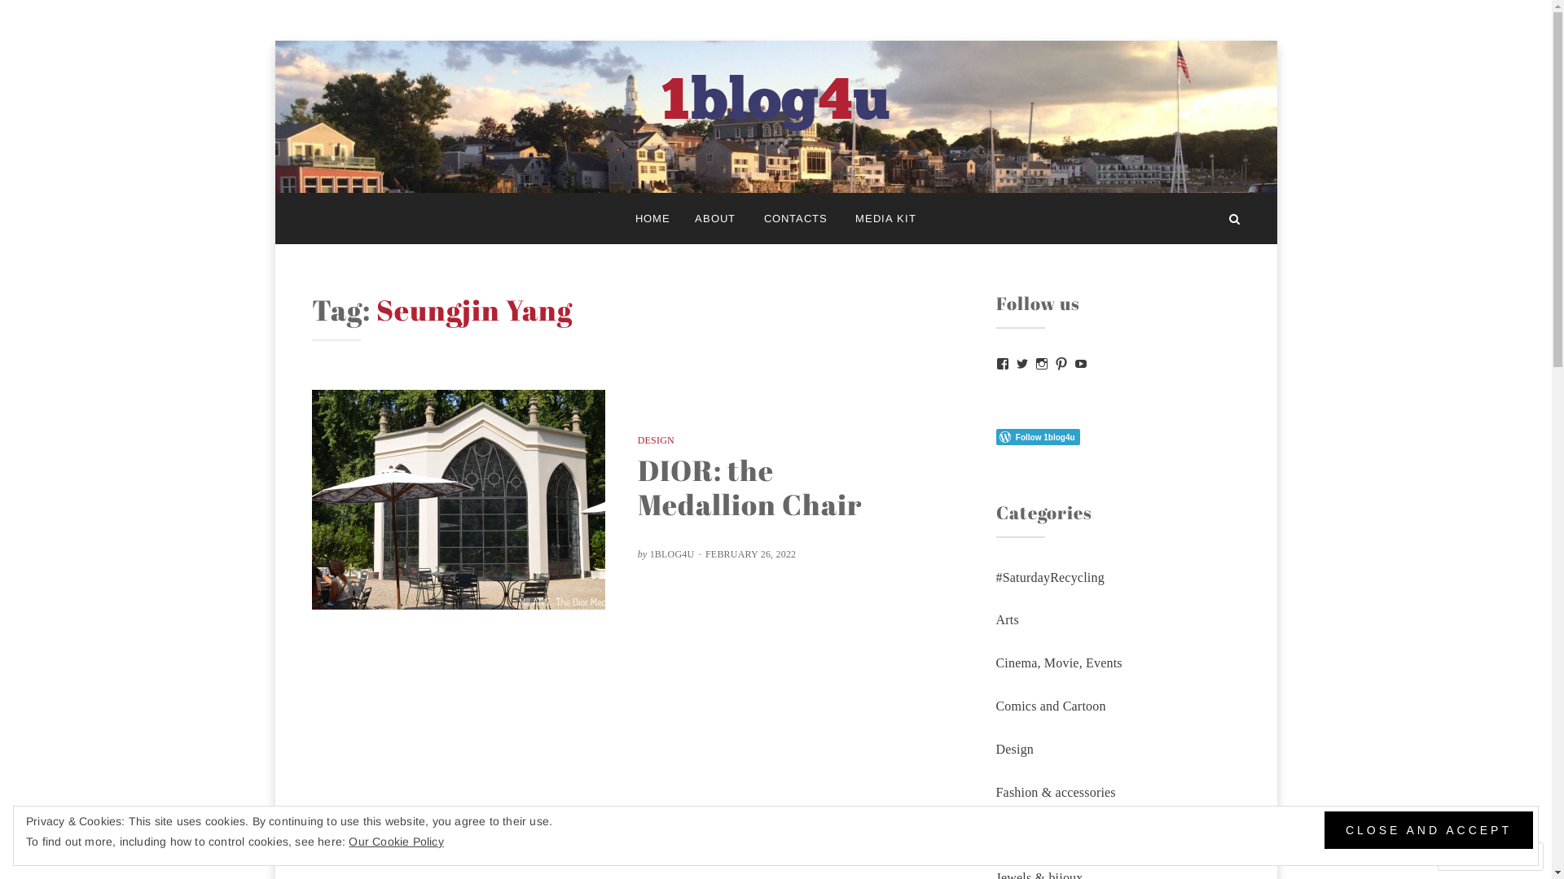  What do you see at coordinates (794, 217) in the screenshot?
I see `'CONTACTS'` at bounding box center [794, 217].